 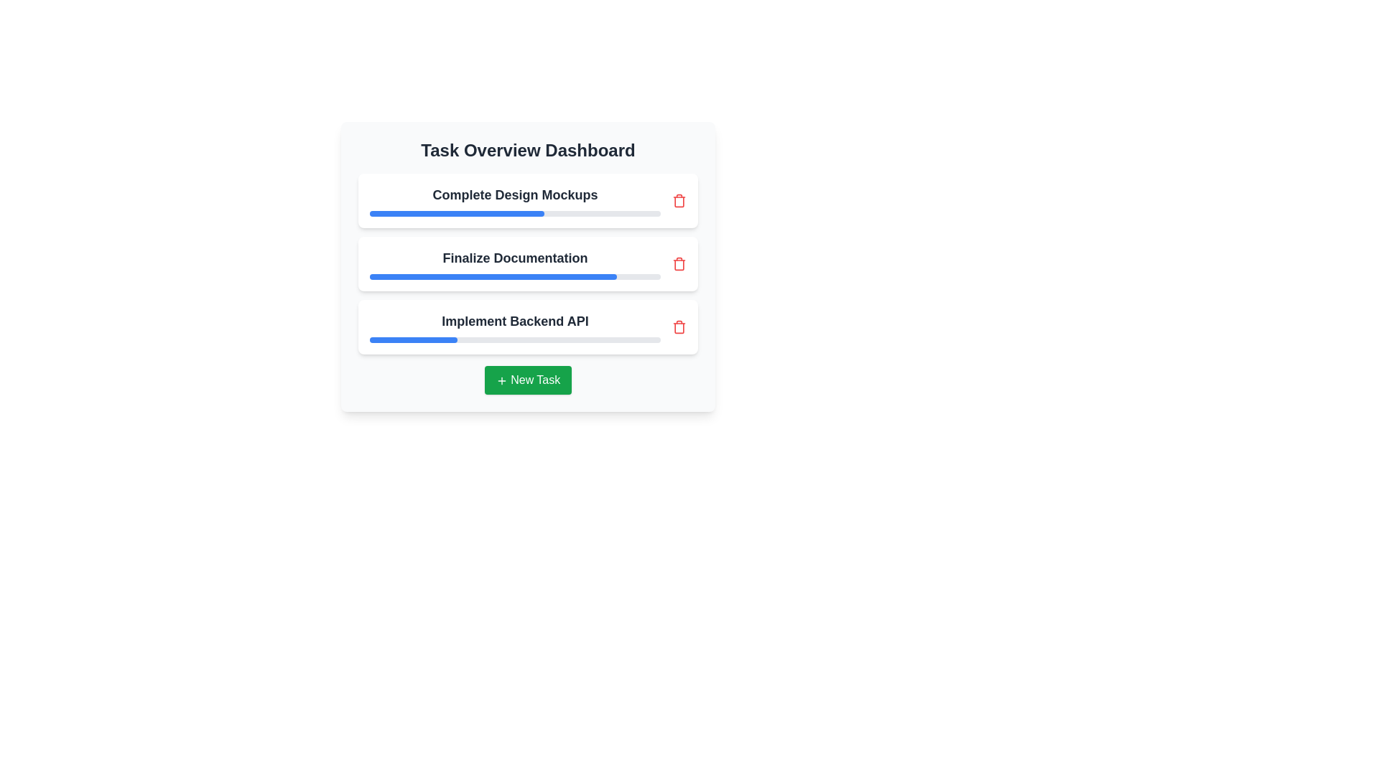 What do you see at coordinates (678, 327) in the screenshot?
I see `trash icon next to the task titled 'Implement Backend API' to delete it` at bounding box center [678, 327].